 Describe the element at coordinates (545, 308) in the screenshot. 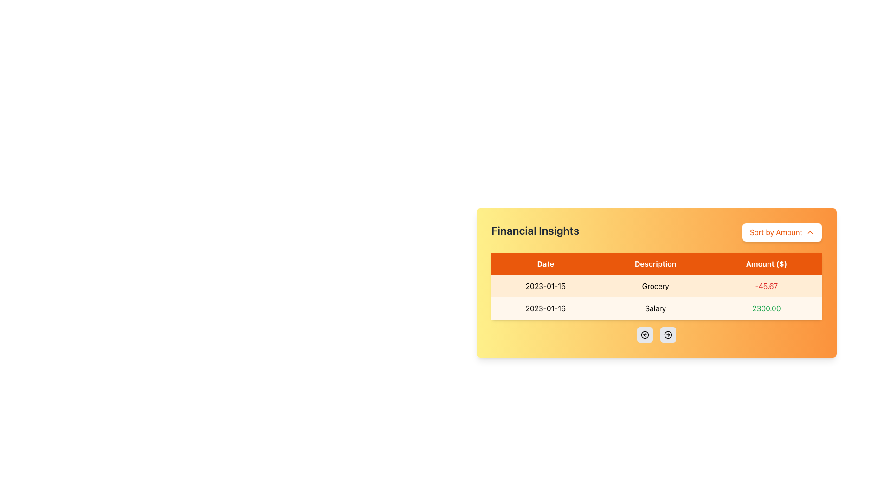

I see `the static text field displaying '2023-01-16' which is located in the first column of the second row under the 'Date' header in the tabular layout` at that location.